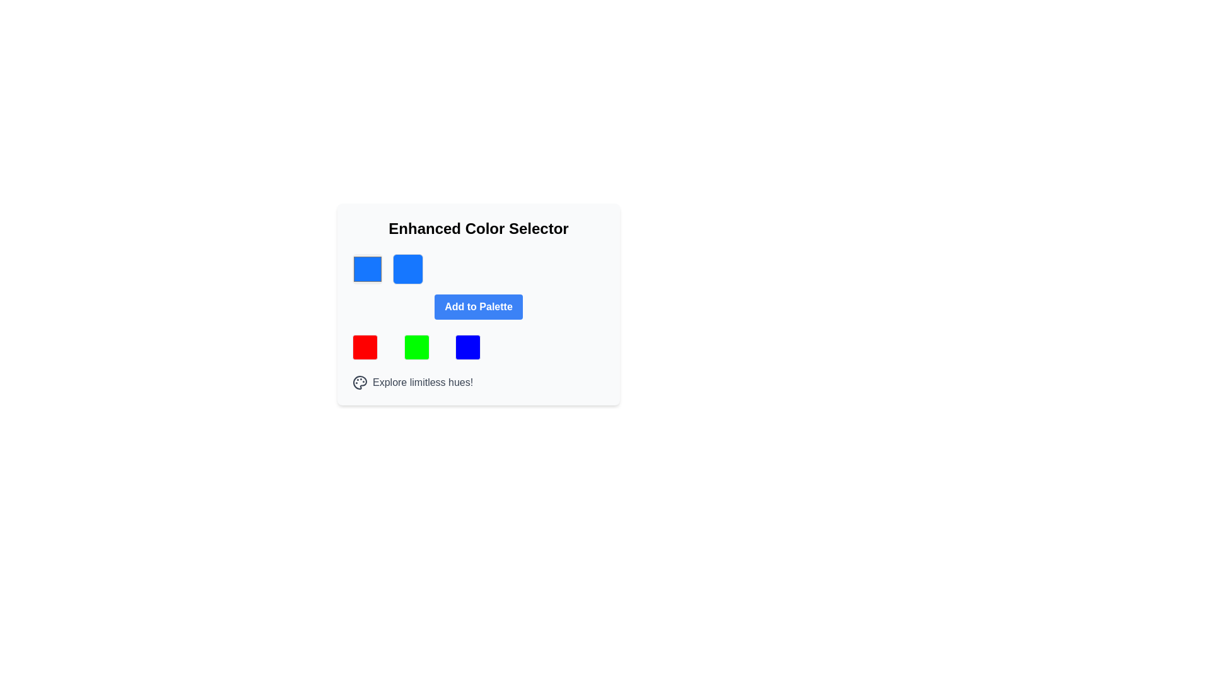  Describe the element at coordinates (365, 347) in the screenshot. I see `the red color box in the color palette, which is the leftmost element in the row of three colored squares below the 'Add to Palette' button` at that location.